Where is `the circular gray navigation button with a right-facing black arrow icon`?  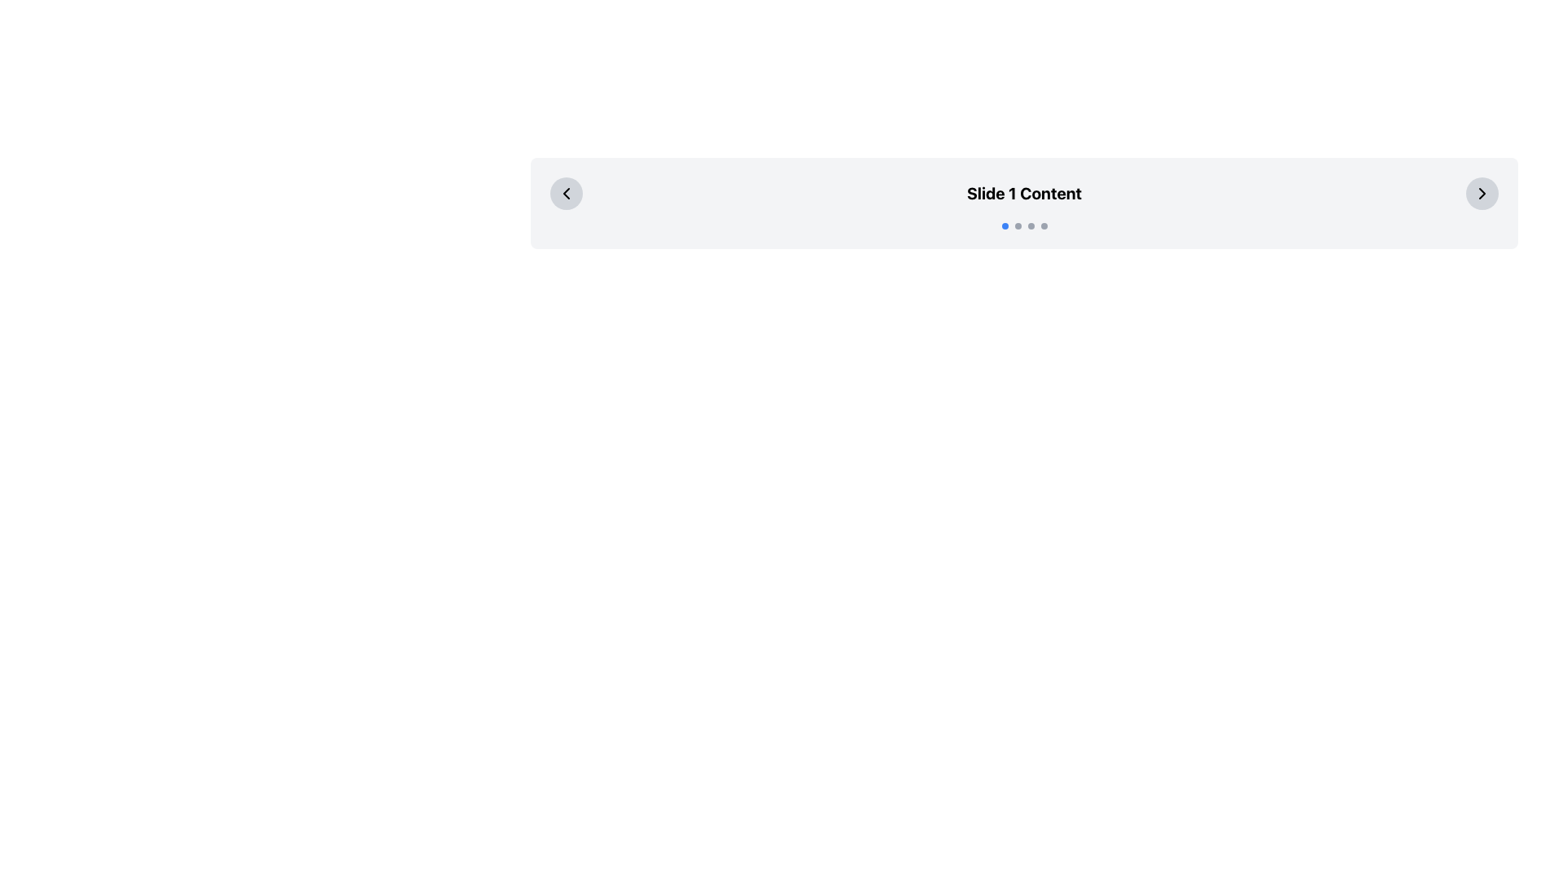
the circular gray navigation button with a right-facing black arrow icon is located at coordinates (1482, 193).